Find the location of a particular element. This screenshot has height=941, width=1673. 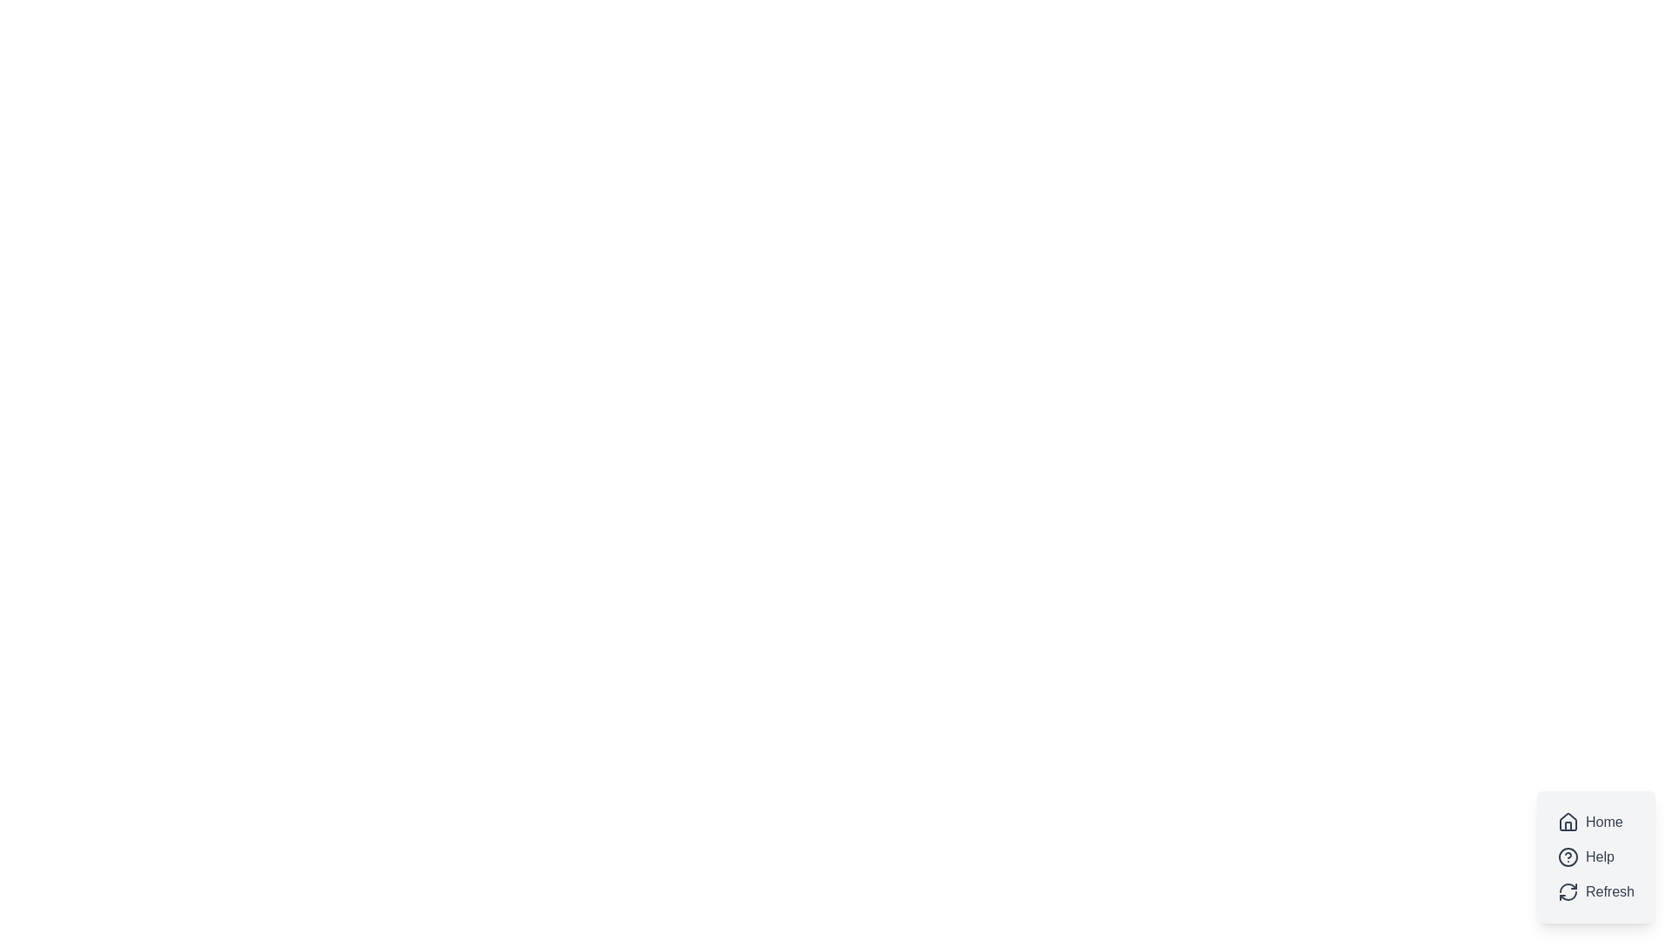

the 'Help' button in the grouped button set located in the bottom-right corner of the interface is located at coordinates (1596, 856).